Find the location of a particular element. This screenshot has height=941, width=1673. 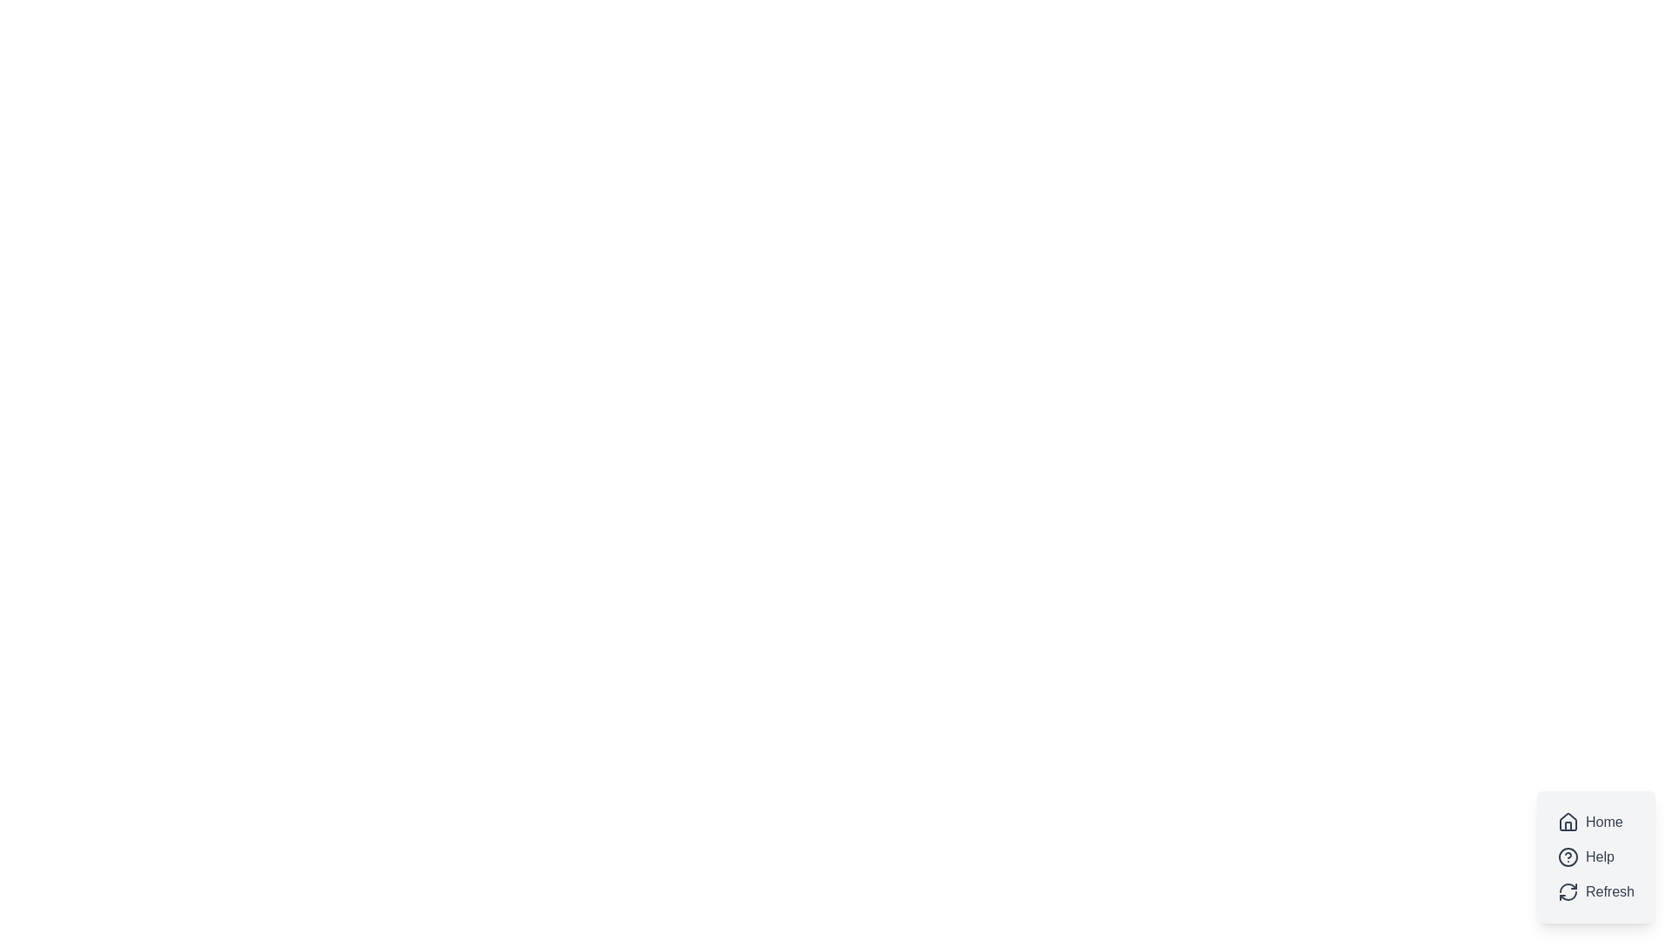

the 'Help' button in the grouped button set located in the bottom-right corner of the interface is located at coordinates (1596, 856).